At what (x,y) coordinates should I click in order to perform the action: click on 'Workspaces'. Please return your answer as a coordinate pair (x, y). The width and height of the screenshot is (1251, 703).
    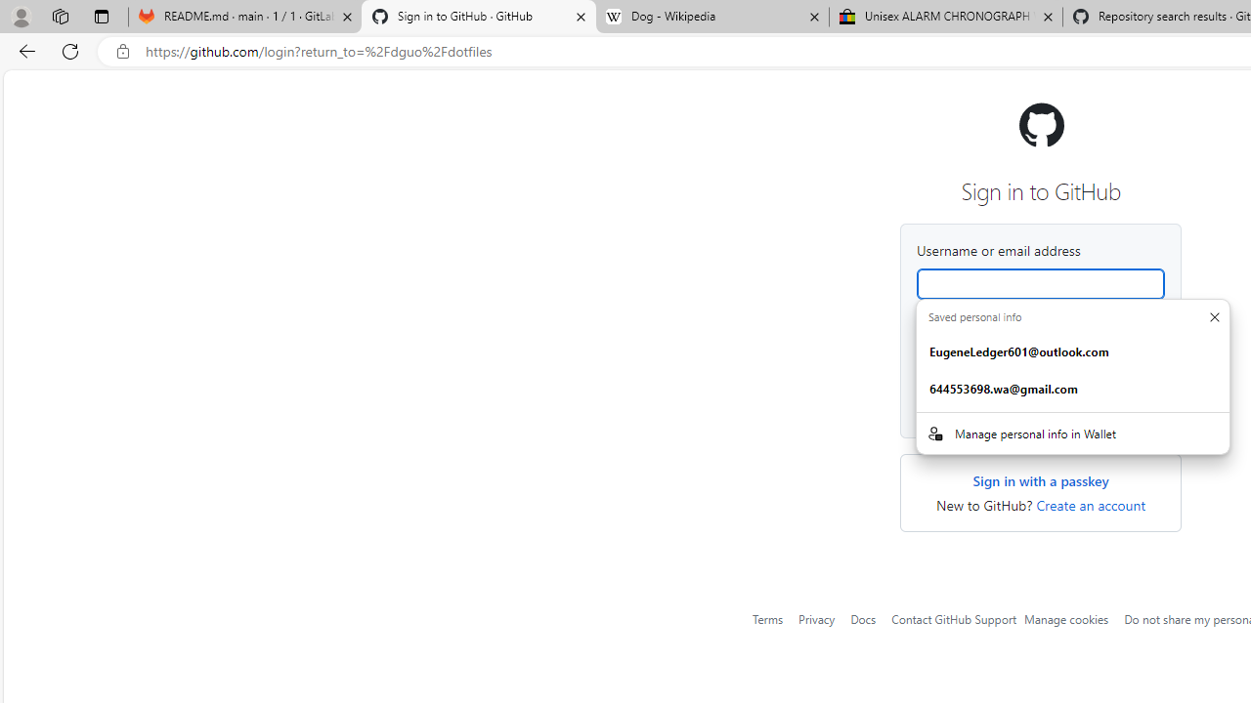
    Looking at the image, I should click on (60, 16).